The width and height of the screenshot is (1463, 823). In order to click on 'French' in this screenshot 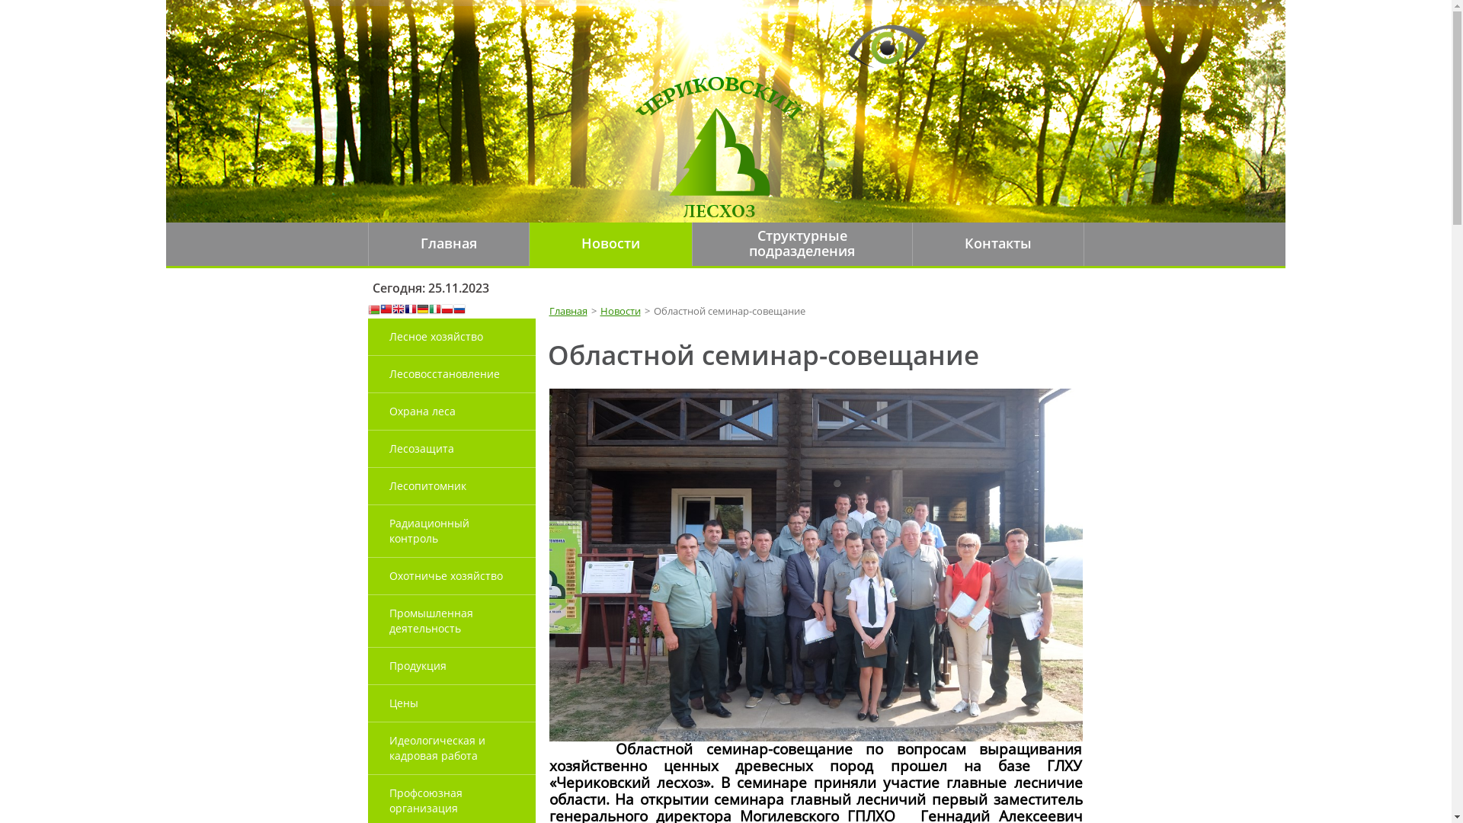, I will do `click(409, 309)`.